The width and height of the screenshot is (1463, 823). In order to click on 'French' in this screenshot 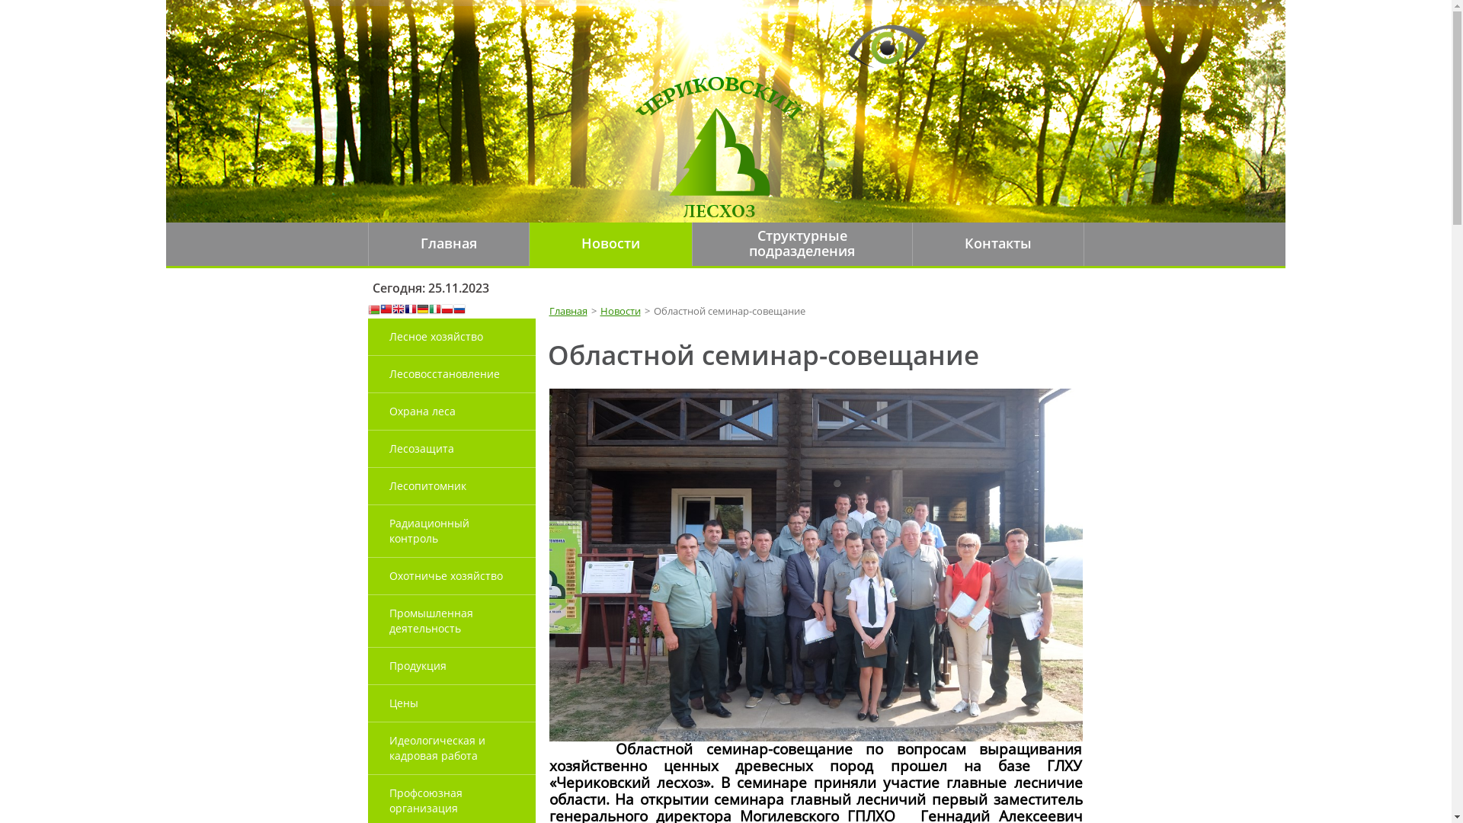, I will do `click(409, 309)`.